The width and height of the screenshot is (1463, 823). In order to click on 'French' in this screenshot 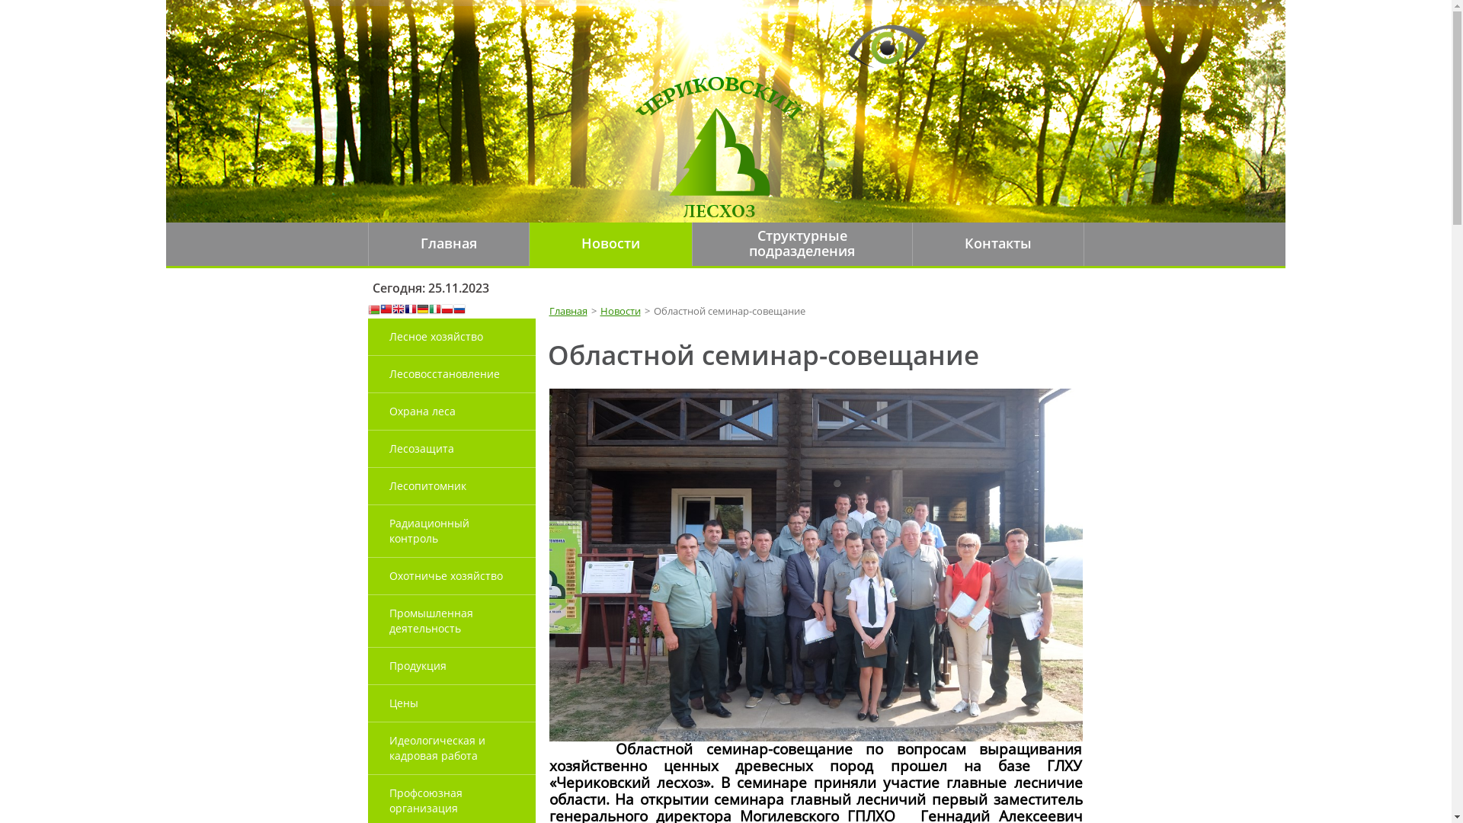, I will do `click(409, 309)`.